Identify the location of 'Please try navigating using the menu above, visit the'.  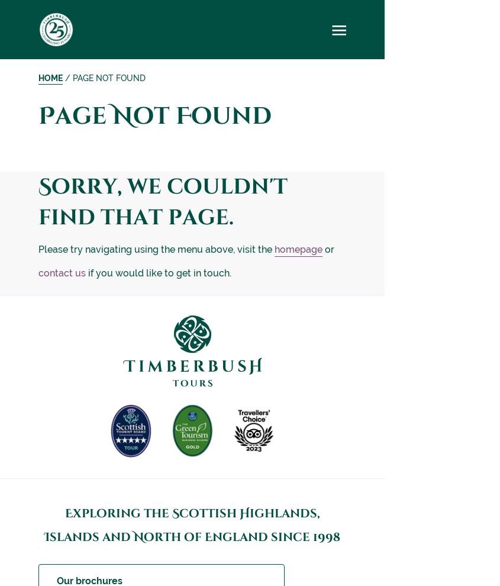
(156, 249).